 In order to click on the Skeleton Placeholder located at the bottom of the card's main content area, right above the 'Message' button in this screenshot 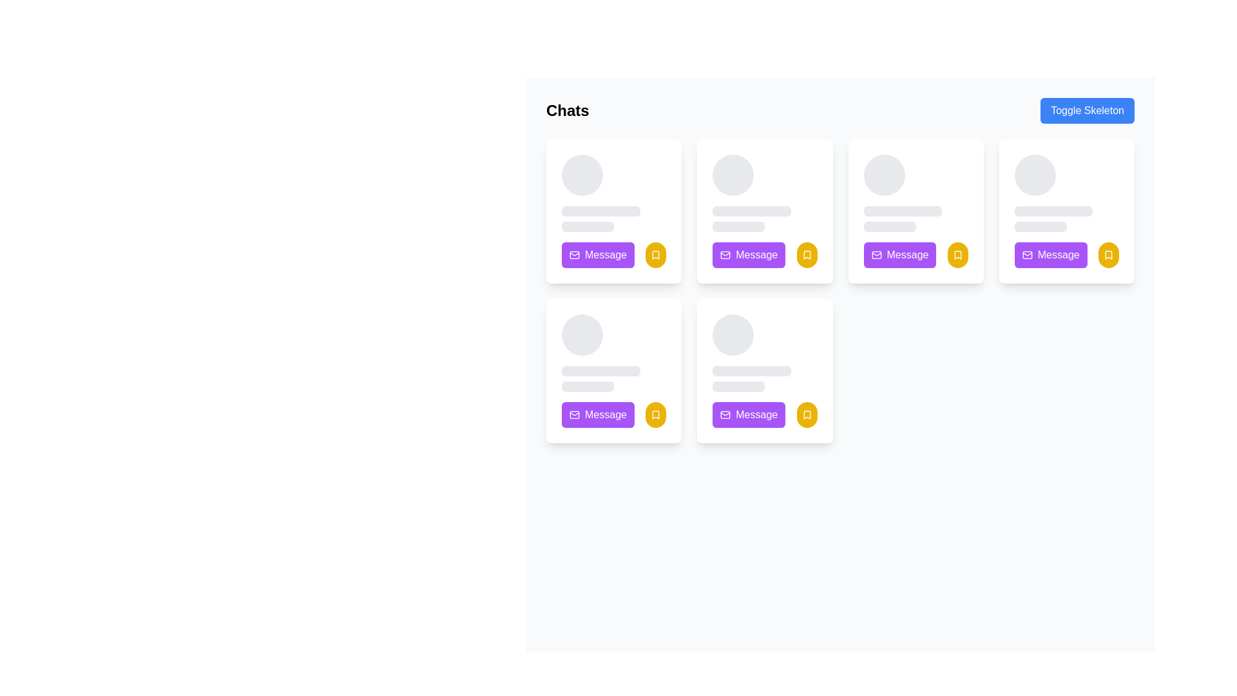, I will do `click(587, 226)`.